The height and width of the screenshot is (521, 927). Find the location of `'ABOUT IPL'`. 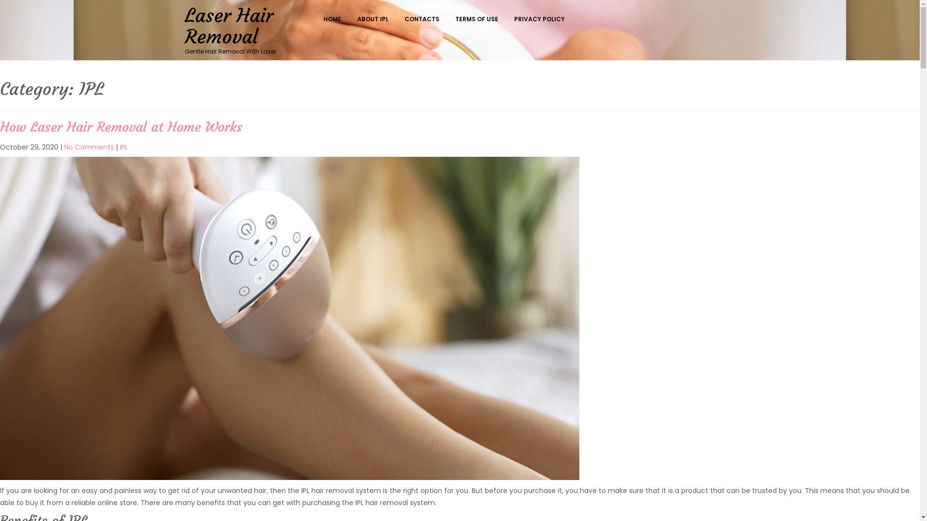

'ABOUT IPL' is located at coordinates (375, 19).